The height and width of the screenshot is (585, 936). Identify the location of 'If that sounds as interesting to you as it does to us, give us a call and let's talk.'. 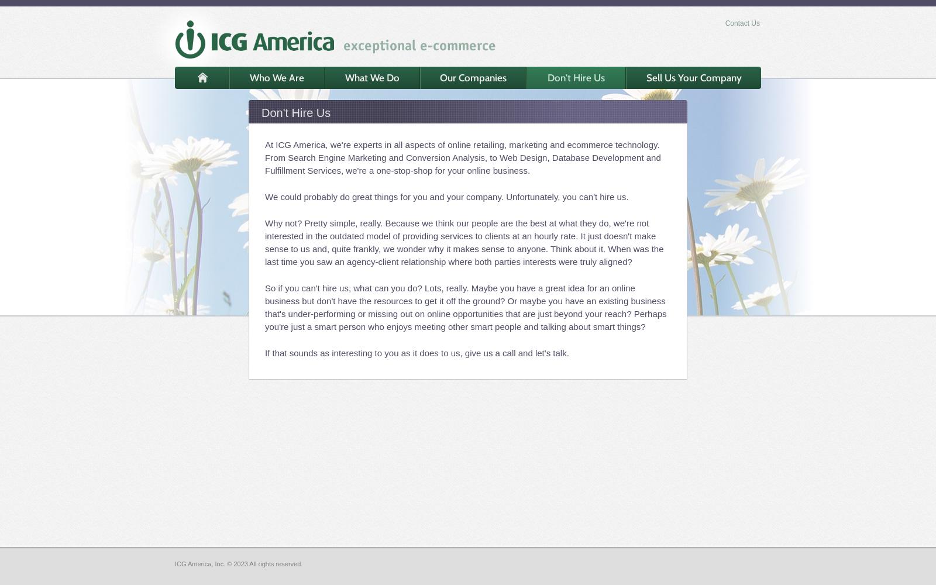
(417, 352).